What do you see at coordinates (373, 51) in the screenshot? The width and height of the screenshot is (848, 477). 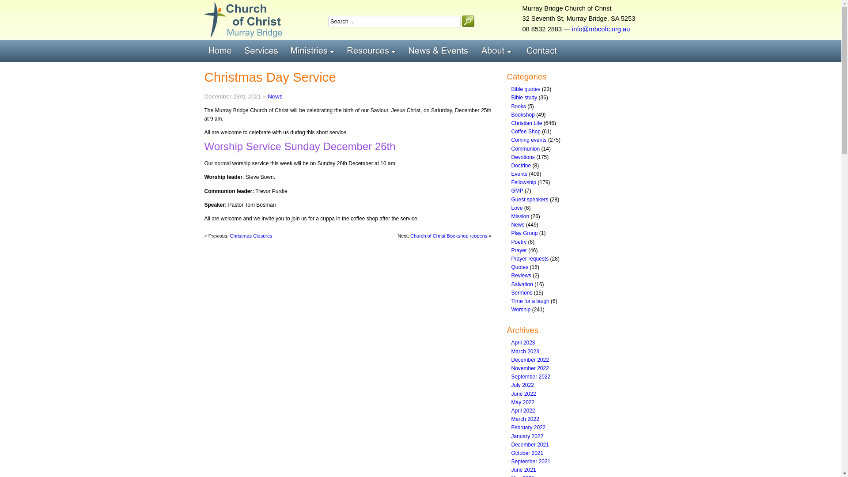 I see `'Resources & Links'` at bounding box center [373, 51].